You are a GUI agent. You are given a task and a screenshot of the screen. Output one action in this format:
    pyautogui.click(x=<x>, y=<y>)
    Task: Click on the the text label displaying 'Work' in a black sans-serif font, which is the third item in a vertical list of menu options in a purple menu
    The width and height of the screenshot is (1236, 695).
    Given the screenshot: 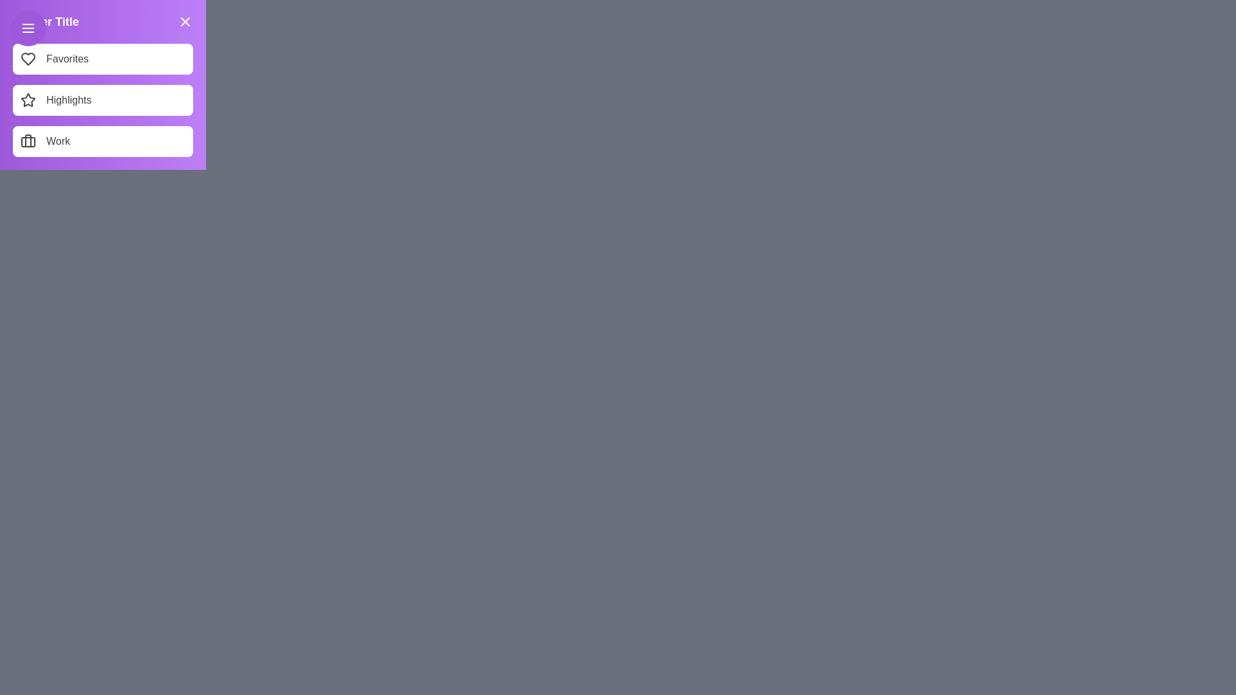 What is the action you would take?
    pyautogui.click(x=57, y=141)
    